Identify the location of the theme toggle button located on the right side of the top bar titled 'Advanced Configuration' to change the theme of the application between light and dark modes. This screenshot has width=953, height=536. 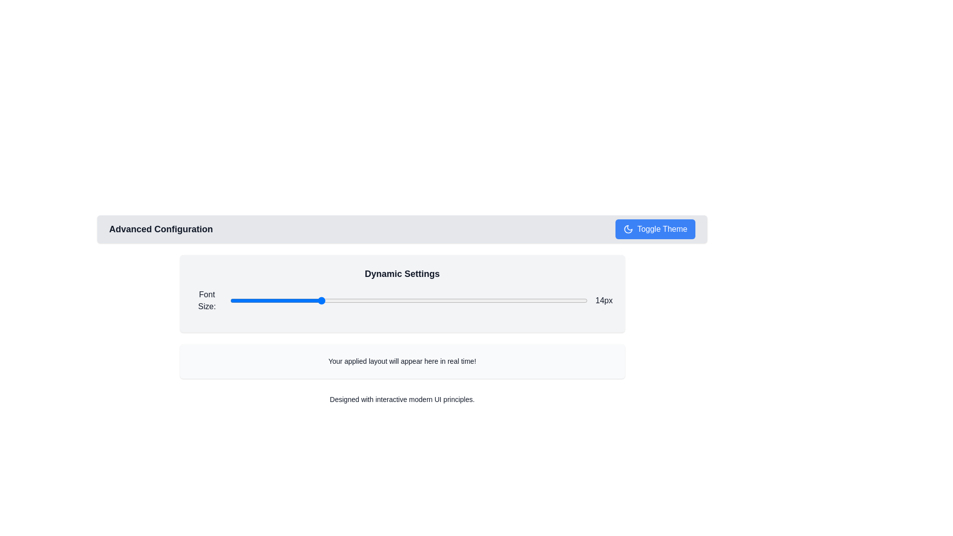
(655, 229).